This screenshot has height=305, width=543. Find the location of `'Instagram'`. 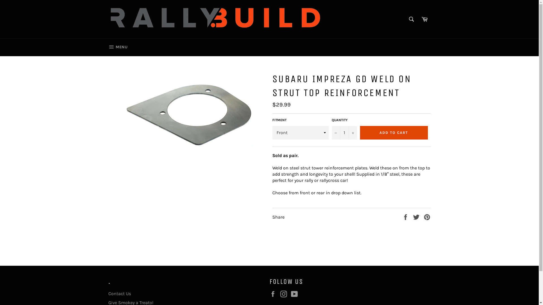

'Instagram' is located at coordinates (280, 294).